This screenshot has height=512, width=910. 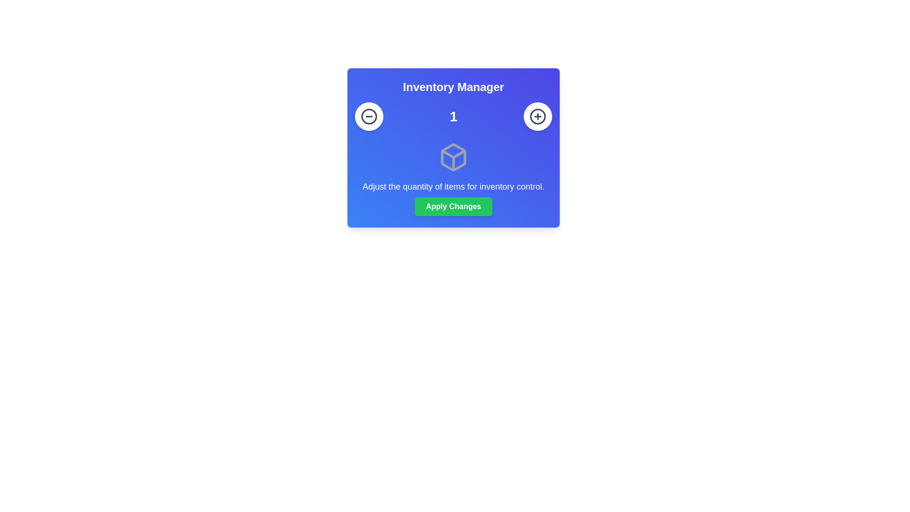 What do you see at coordinates (453, 116) in the screenshot?
I see `bold numeral '1' displayed in the blue rectangular interface, which is located symmetrically between the minus and plus buttons` at bounding box center [453, 116].